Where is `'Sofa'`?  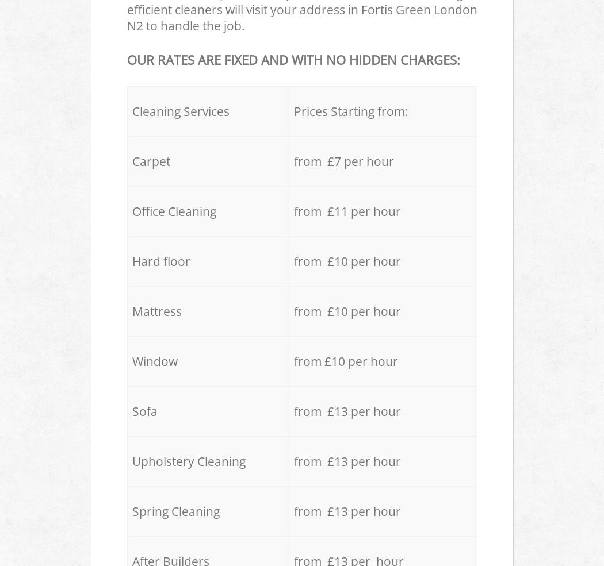 'Sofa' is located at coordinates (144, 411).